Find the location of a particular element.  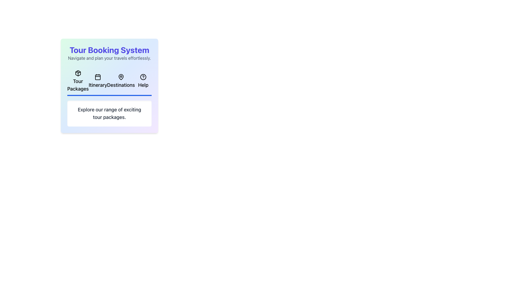

the 'Tour Packages' label located beneath the cube icon in the first position of the horizontal navigation section is located at coordinates (78, 85).